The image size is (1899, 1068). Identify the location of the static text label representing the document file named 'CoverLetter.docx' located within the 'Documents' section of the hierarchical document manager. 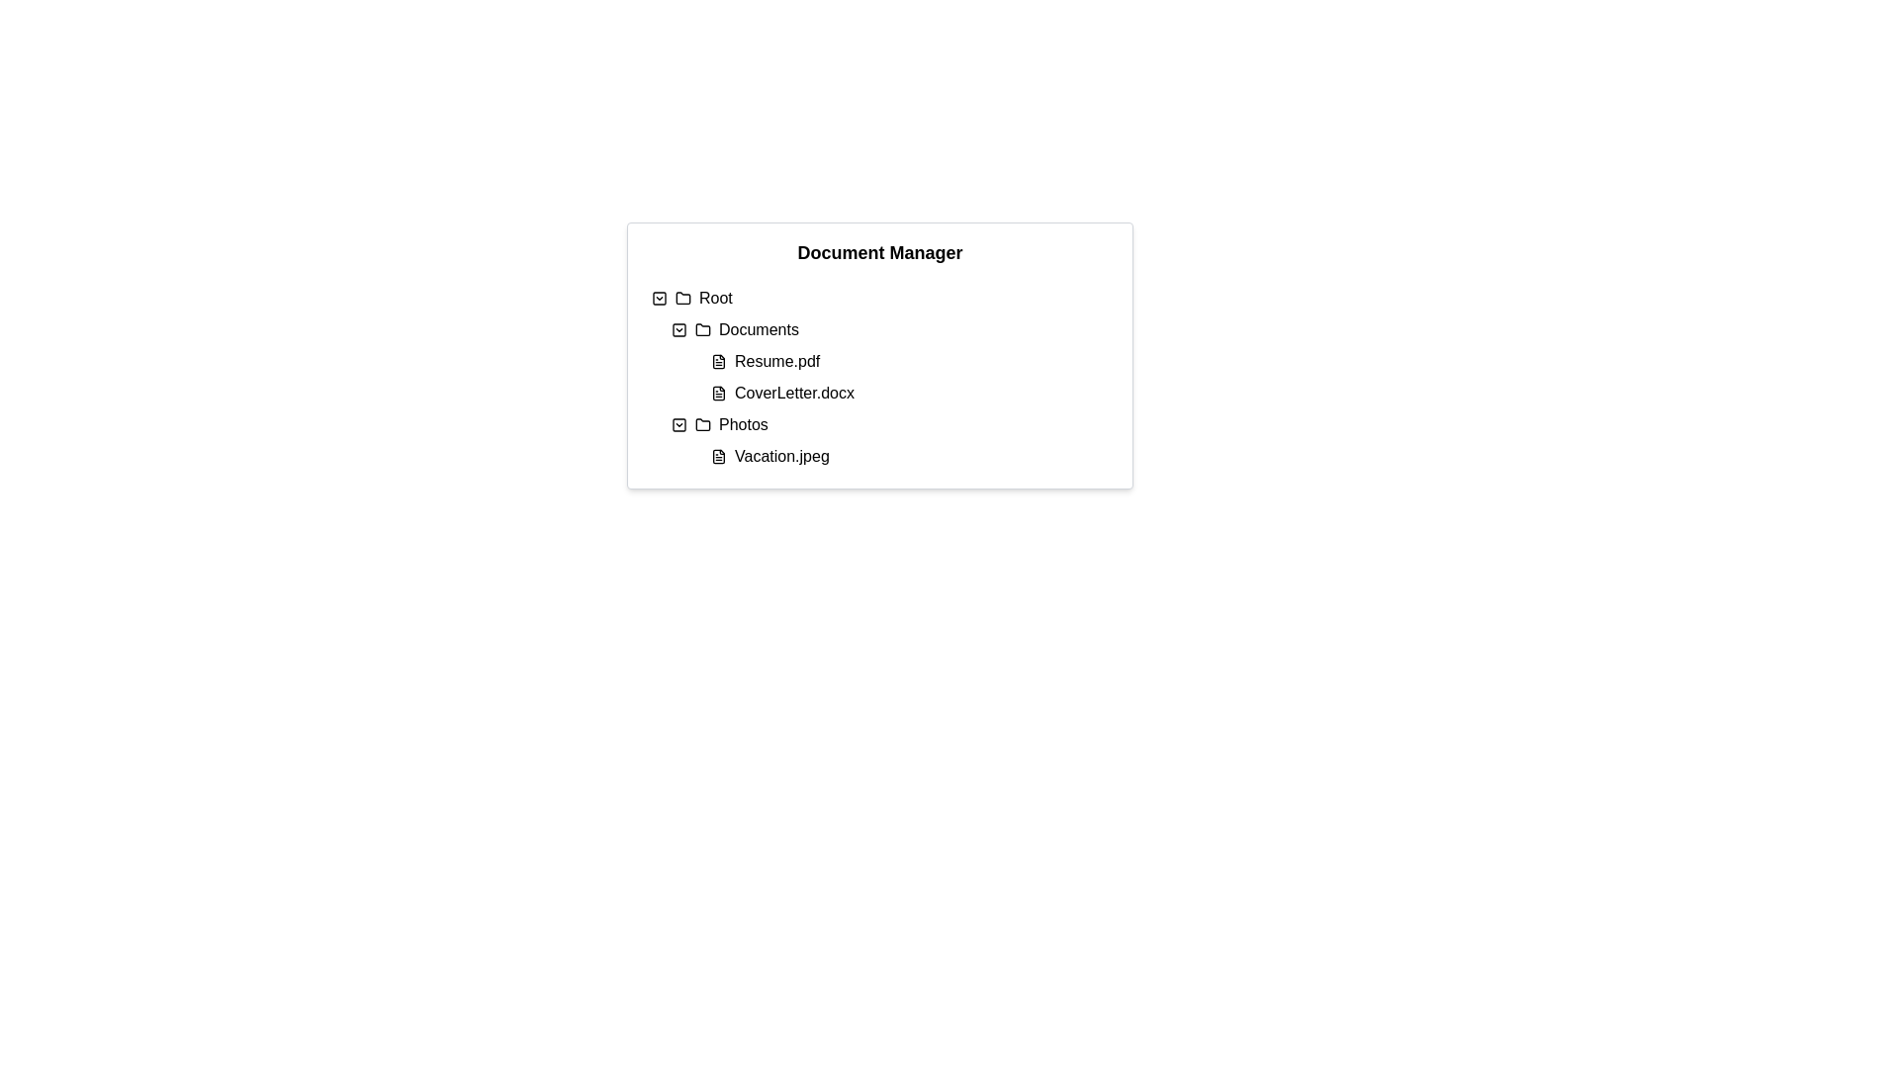
(794, 393).